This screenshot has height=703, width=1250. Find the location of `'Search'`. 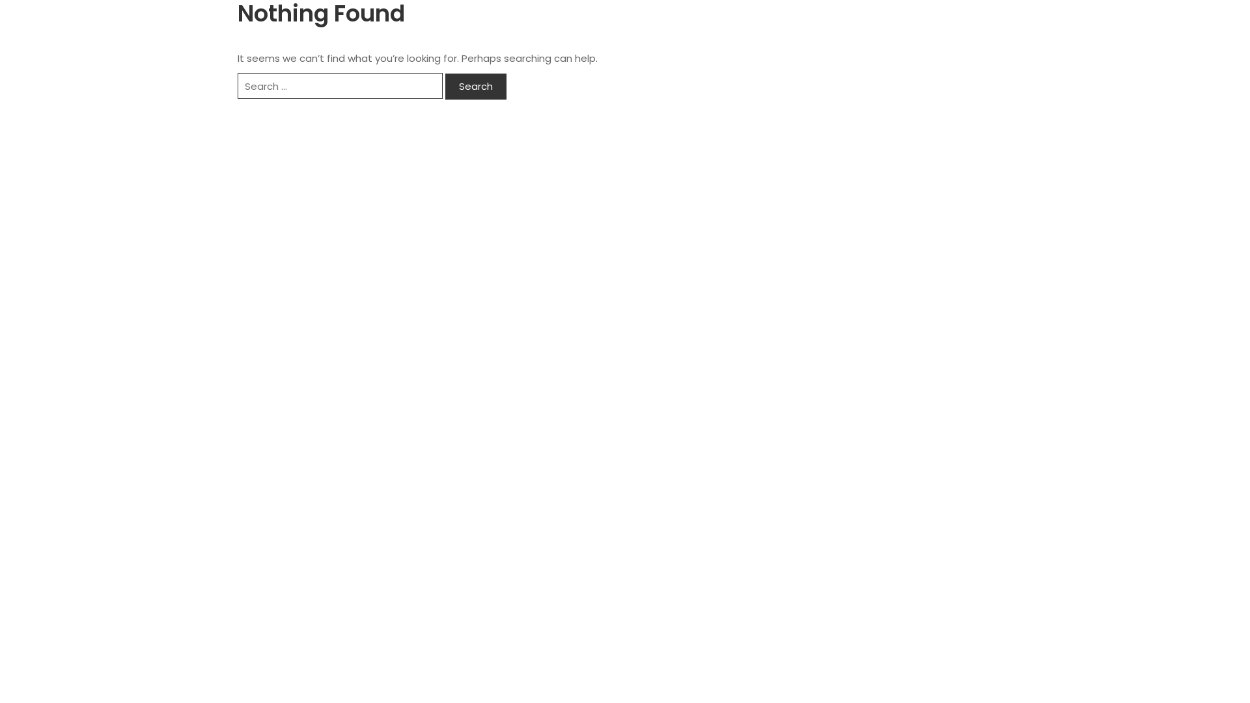

'Search' is located at coordinates (475, 85).